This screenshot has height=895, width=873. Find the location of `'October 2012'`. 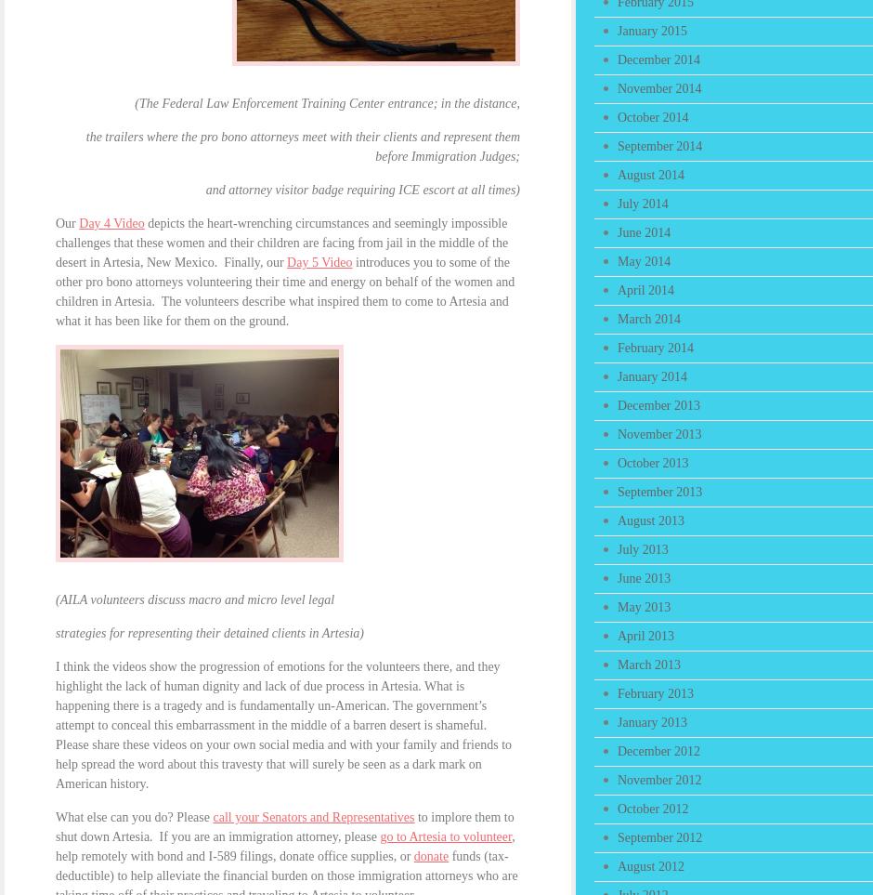

'October 2012' is located at coordinates (652, 809).